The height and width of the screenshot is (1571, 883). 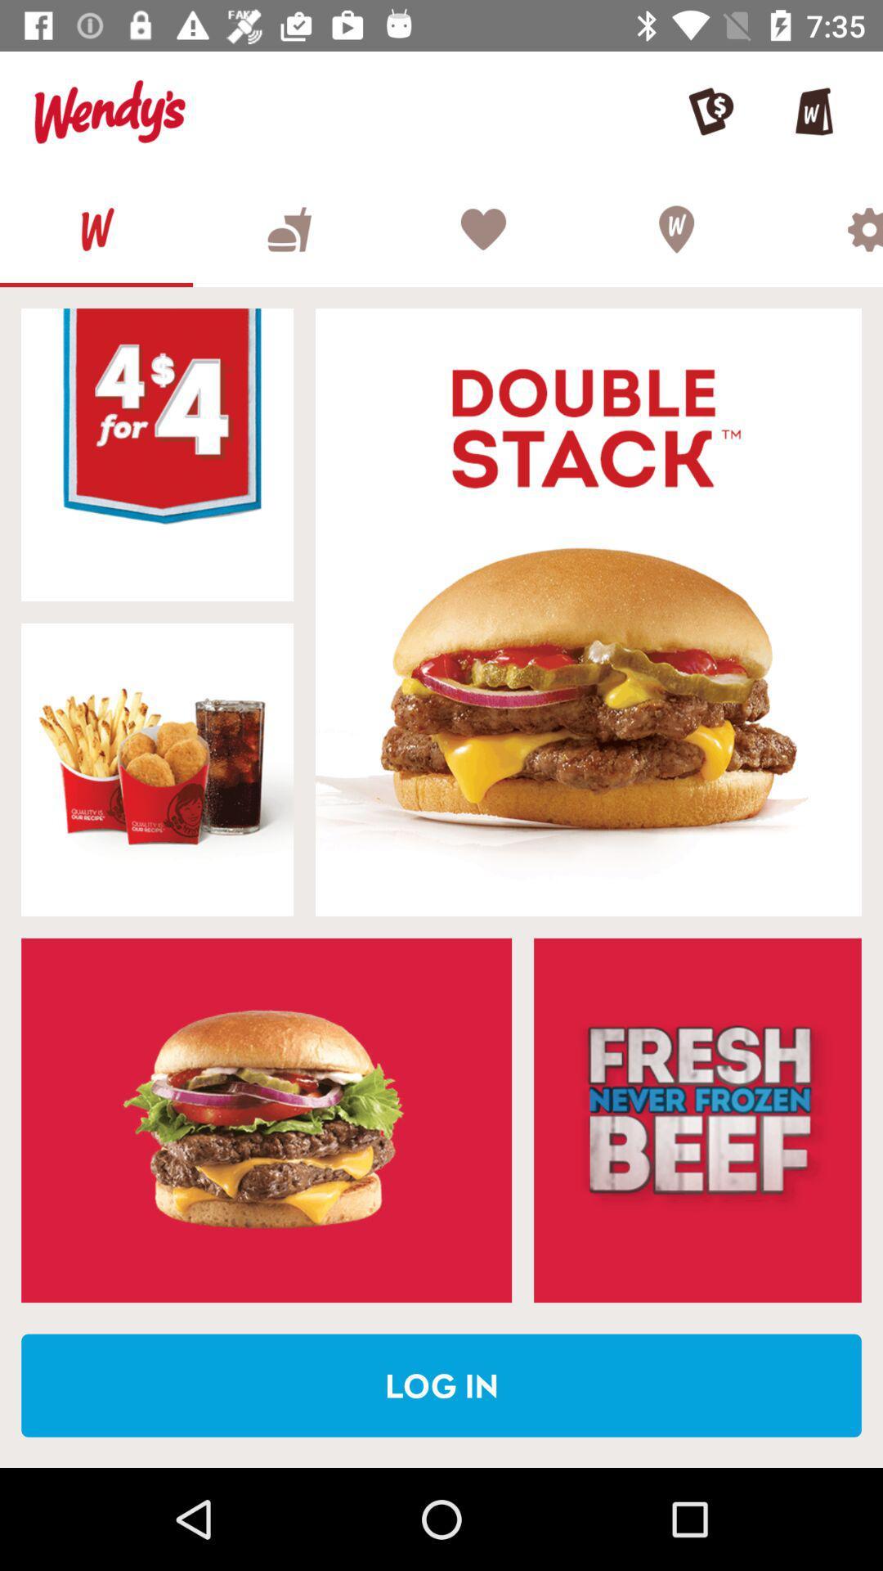 I want to click on an item, so click(x=157, y=768).